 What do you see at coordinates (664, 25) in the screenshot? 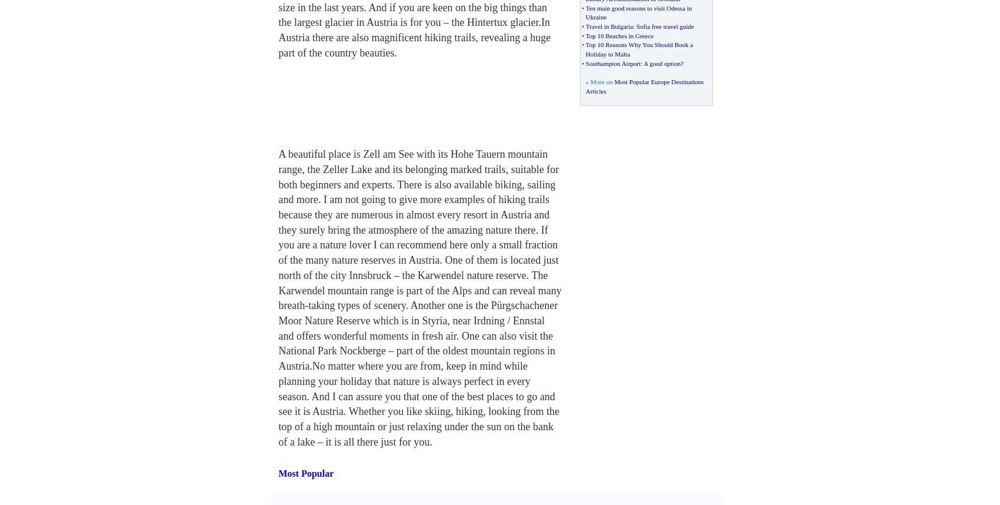
I see `'Sofia free travel guide'` at bounding box center [664, 25].